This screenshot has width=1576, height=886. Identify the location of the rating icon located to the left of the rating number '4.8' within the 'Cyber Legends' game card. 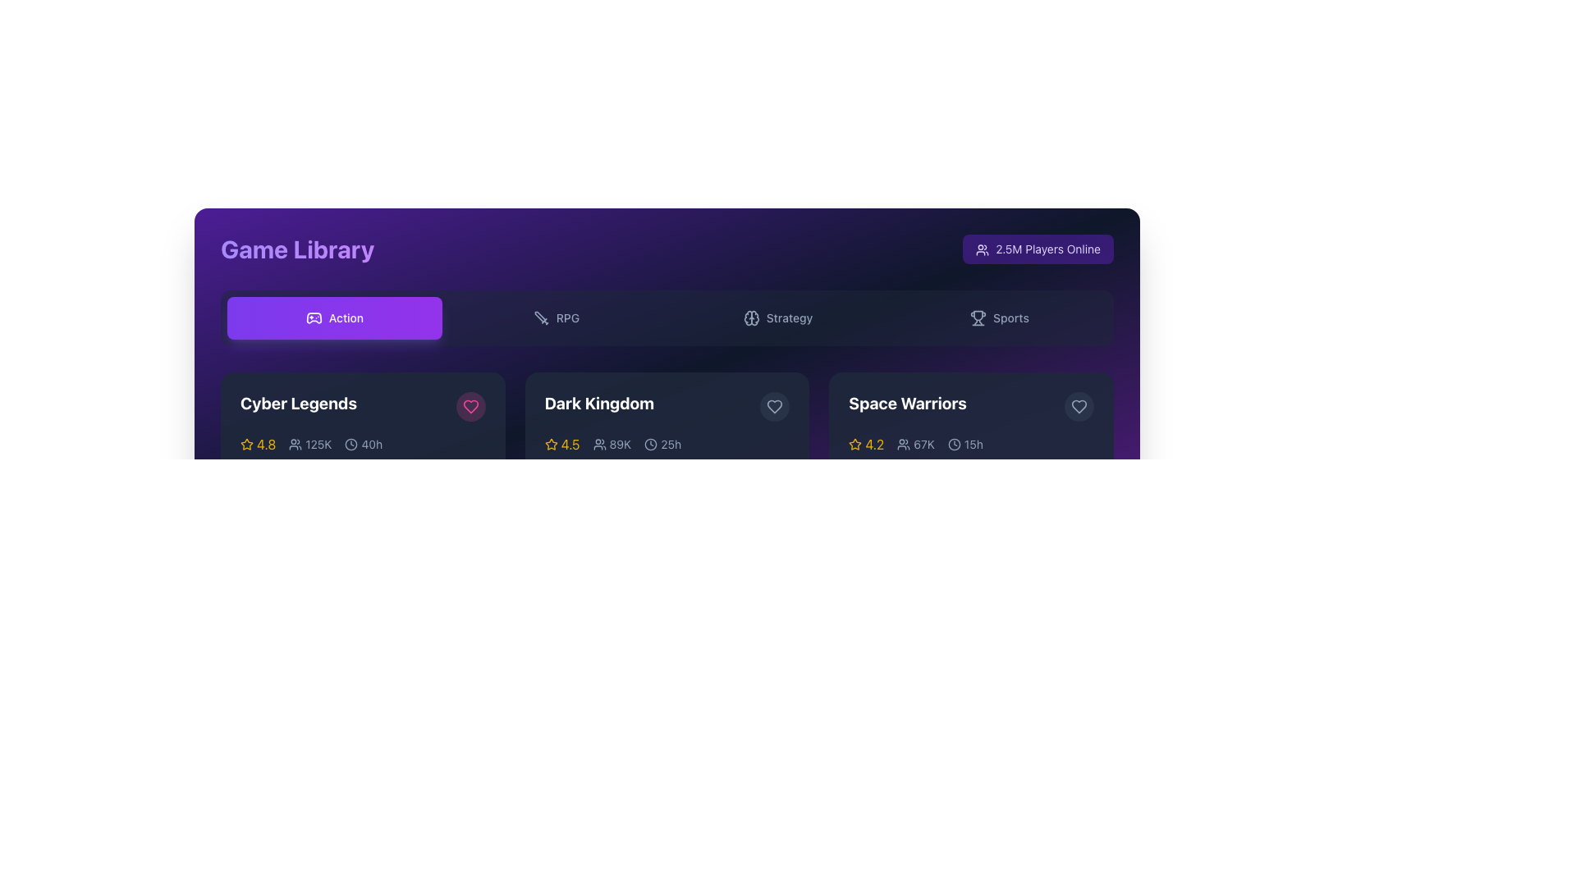
(246, 444).